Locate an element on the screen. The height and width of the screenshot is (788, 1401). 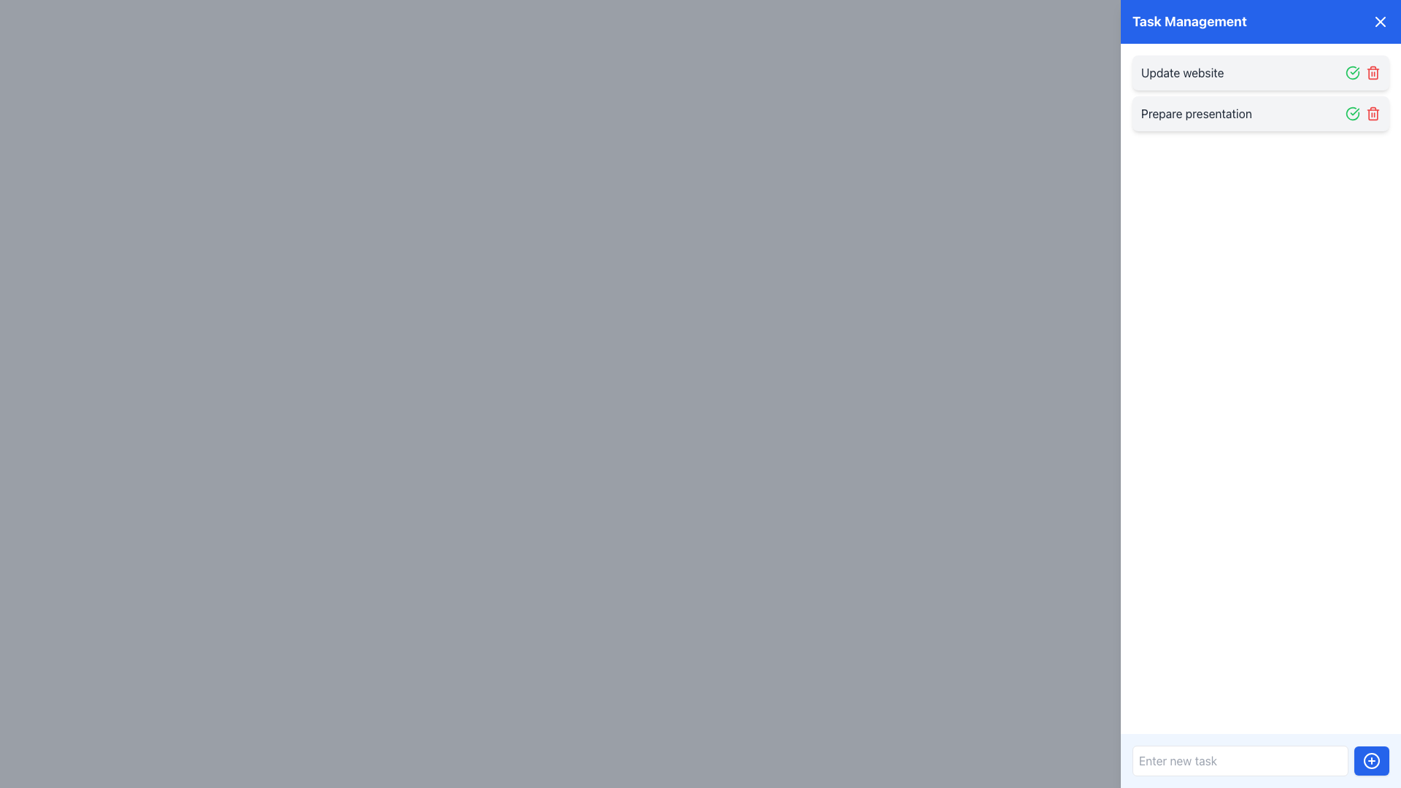
the static text label displaying 'Prepare presentation', which is the second task item in the task management list is located at coordinates (1196, 112).